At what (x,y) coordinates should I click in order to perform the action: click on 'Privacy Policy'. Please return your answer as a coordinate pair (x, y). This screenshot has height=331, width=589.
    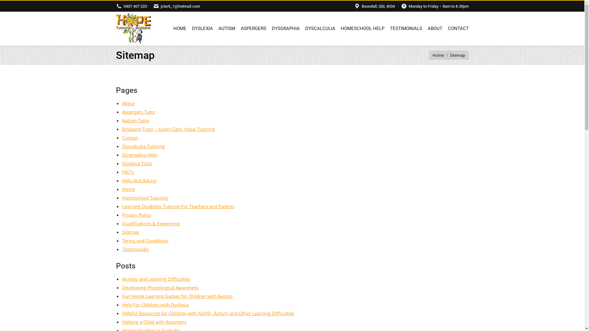
    Looking at the image, I should click on (136, 215).